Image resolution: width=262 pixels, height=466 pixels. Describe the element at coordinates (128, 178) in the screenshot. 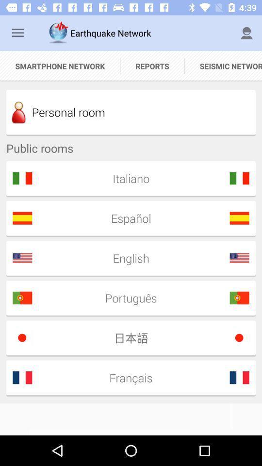

I see `italiano item` at that location.